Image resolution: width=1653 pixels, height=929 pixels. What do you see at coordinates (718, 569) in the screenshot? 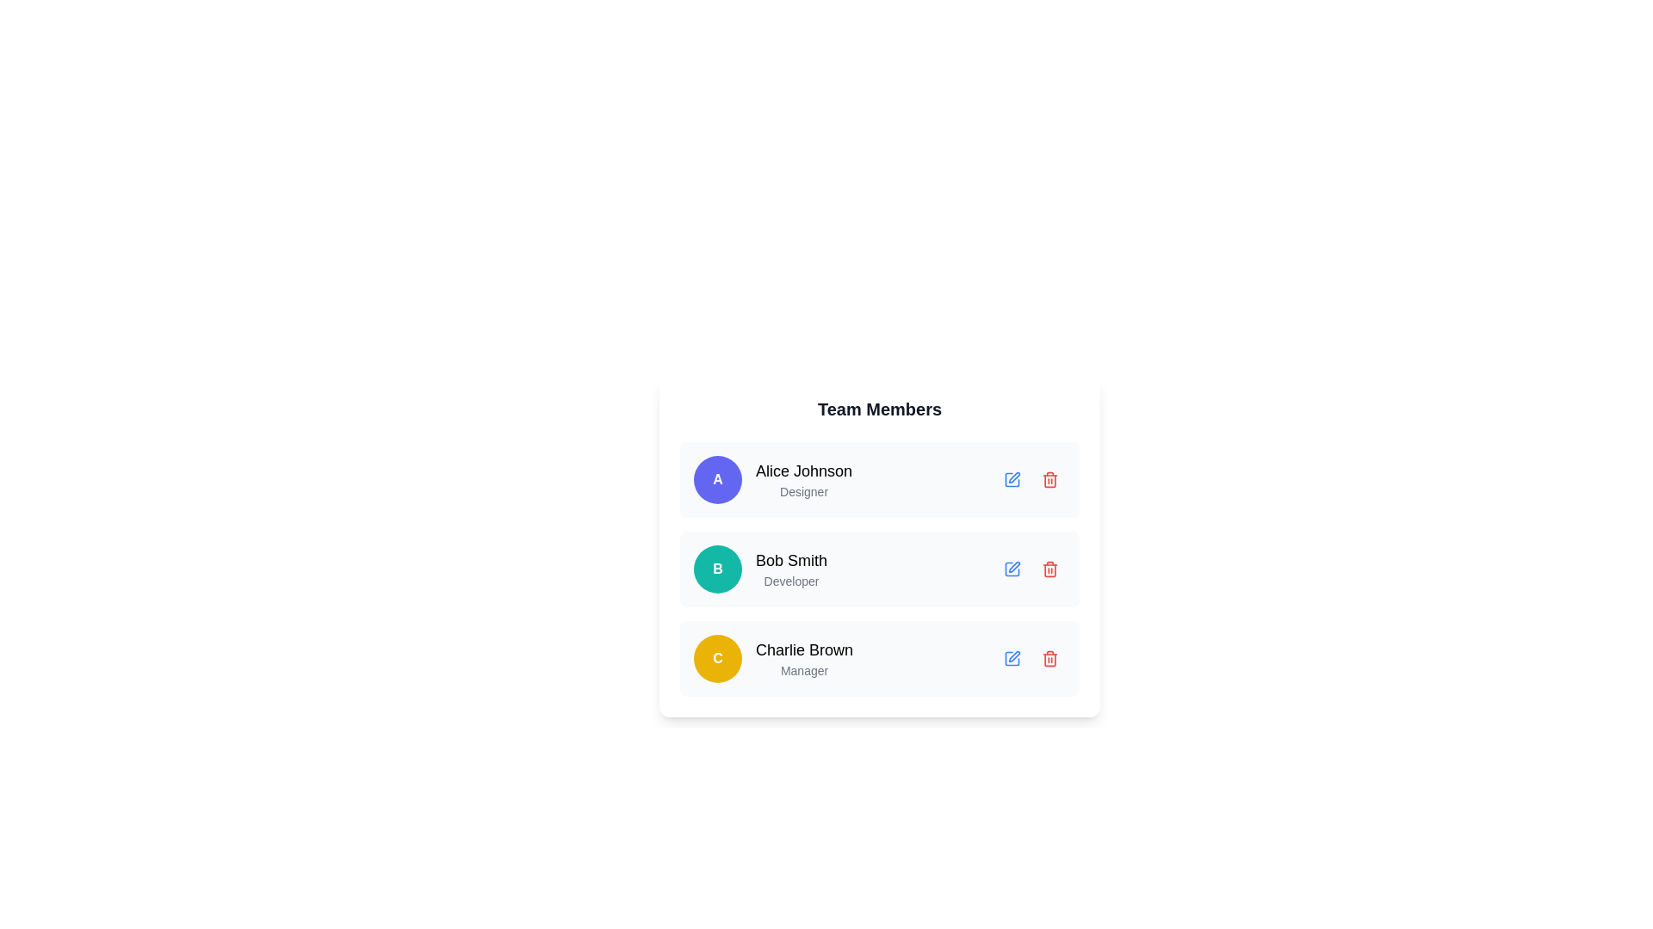
I see `the circular badge representing the initials of 'Bob Smith', which is positioned to the left of the text 'Bob Smith' and 'Developer' in the second row of team members` at bounding box center [718, 569].